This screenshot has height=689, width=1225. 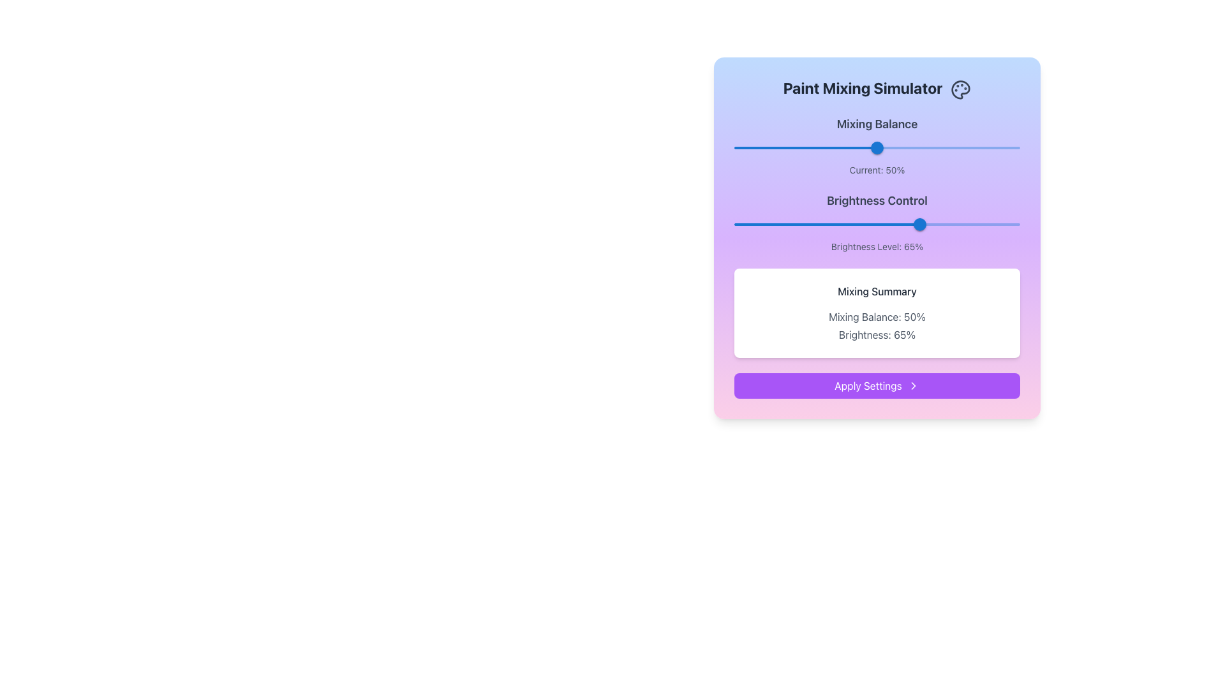 What do you see at coordinates (876, 123) in the screenshot?
I see `the text label element that serves as a title for the mixing balance section, located above the slider labeled 'Current: 50%'` at bounding box center [876, 123].